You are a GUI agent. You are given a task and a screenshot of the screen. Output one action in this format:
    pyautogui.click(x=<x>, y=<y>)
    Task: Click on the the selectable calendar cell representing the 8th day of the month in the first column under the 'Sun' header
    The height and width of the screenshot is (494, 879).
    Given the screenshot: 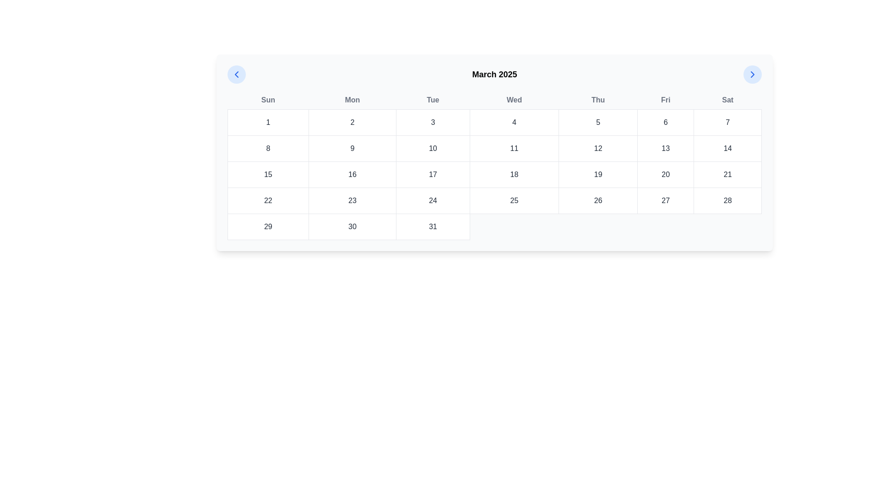 What is the action you would take?
    pyautogui.click(x=267, y=148)
    